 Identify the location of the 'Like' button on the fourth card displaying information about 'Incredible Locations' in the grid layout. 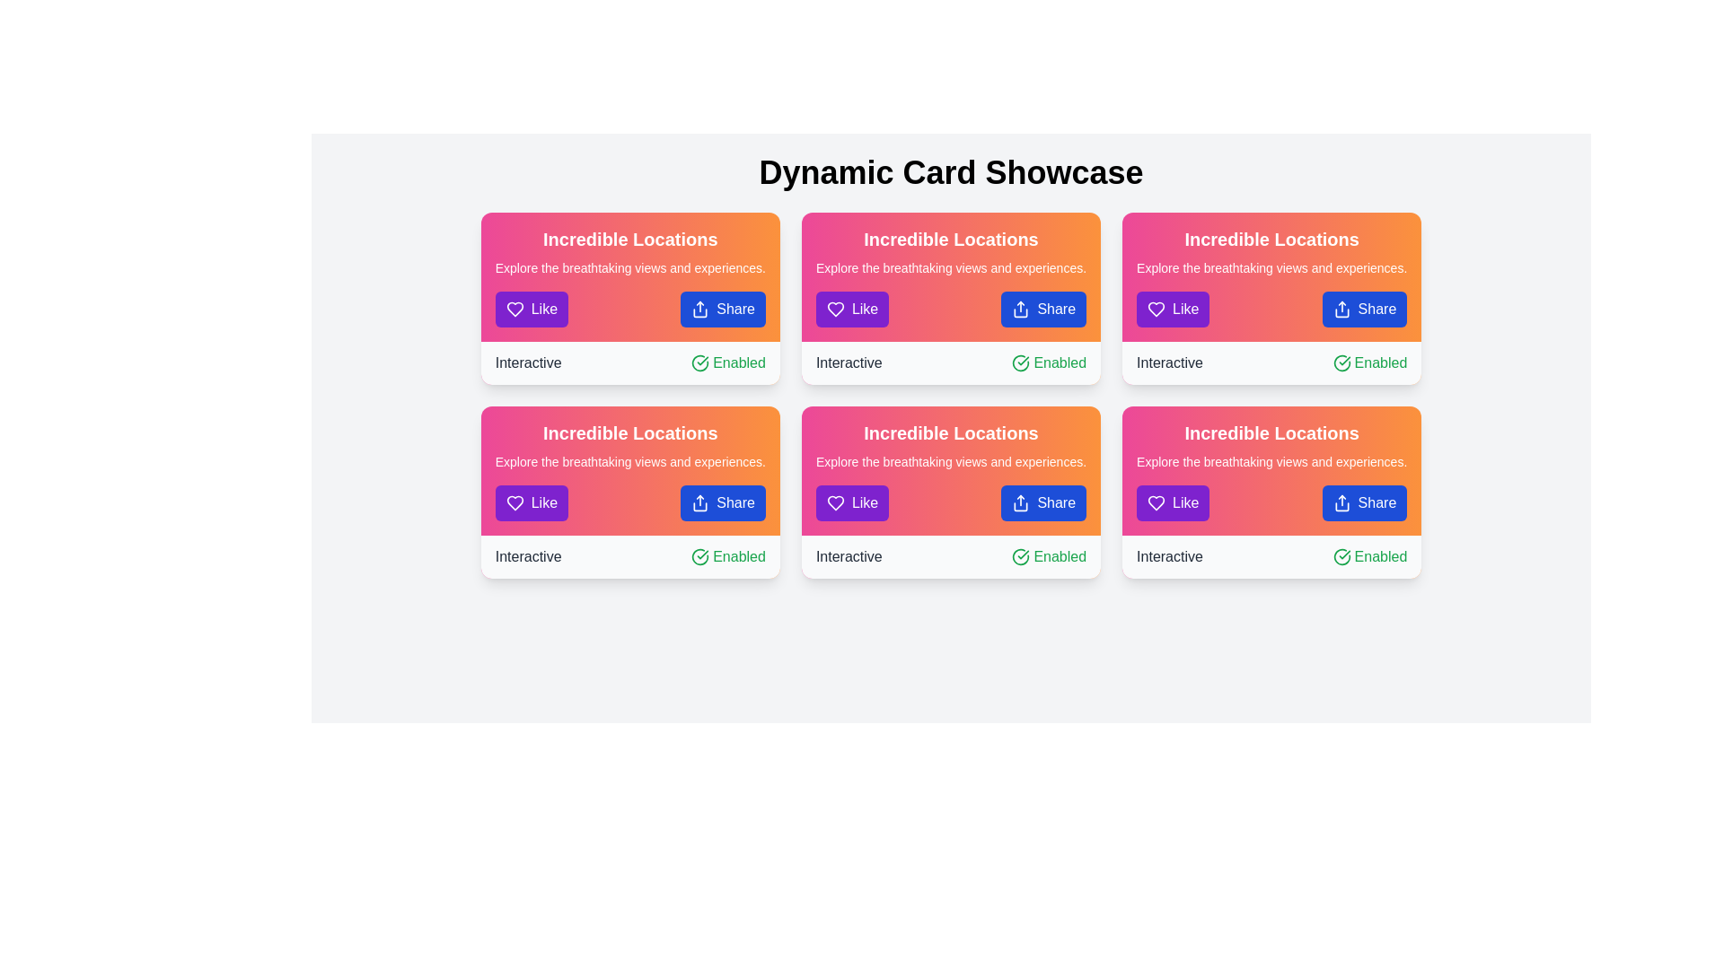
(630, 492).